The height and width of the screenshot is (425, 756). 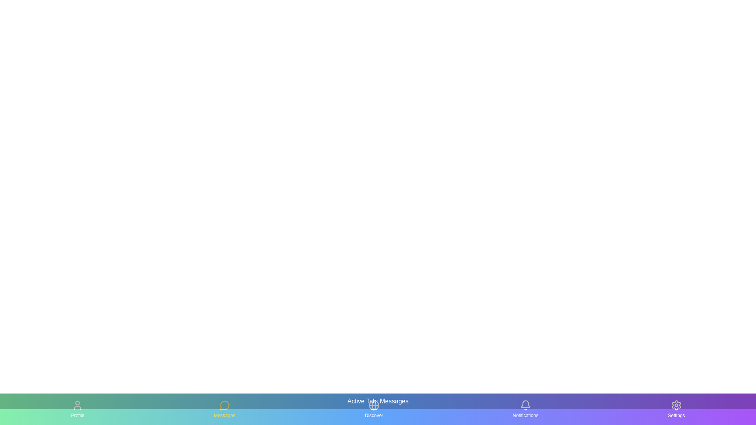 What do you see at coordinates (77, 409) in the screenshot?
I see `the tab labeled Profile` at bounding box center [77, 409].